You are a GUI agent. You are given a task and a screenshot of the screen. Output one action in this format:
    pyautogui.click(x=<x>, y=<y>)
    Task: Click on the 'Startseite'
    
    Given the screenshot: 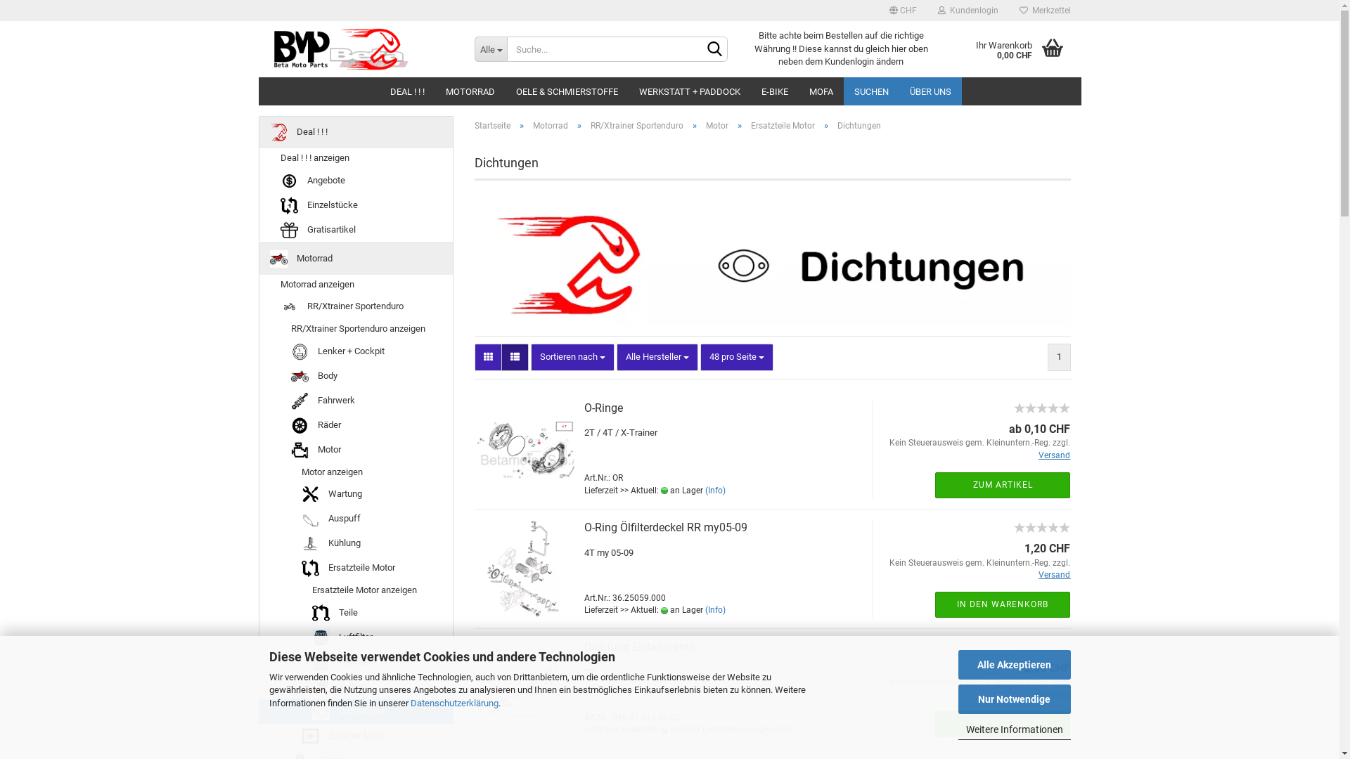 What is the action you would take?
    pyautogui.click(x=492, y=124)
    